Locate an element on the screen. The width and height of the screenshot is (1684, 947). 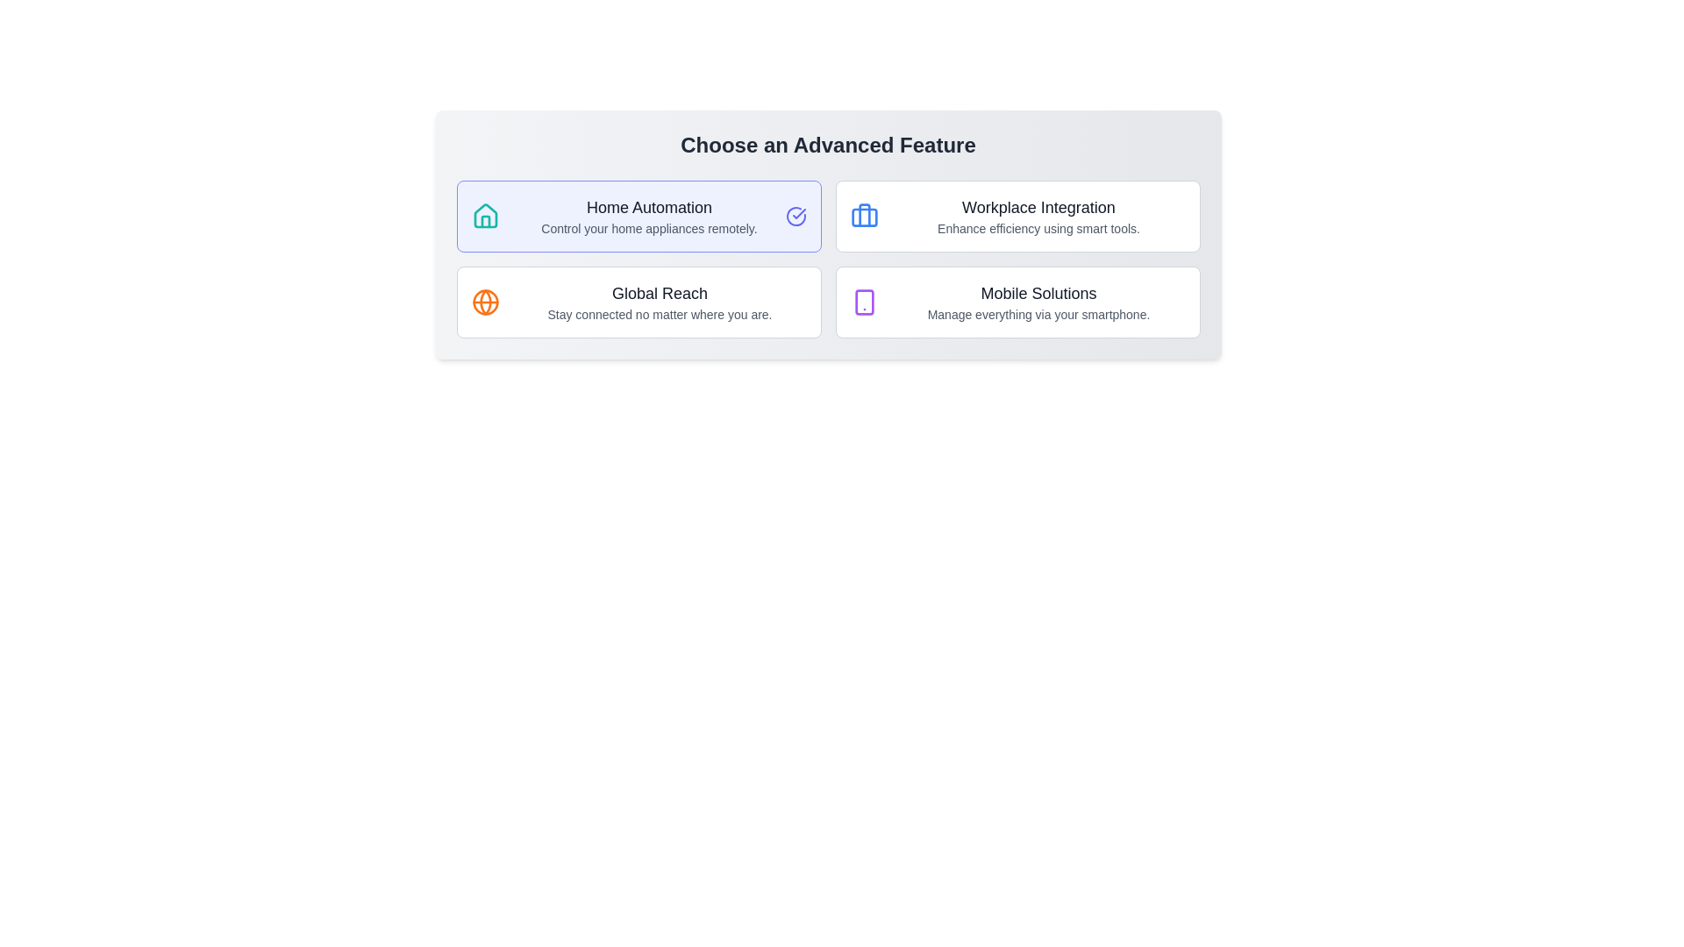
the text label at the top center of the card located in the top right quadrant of the grid, which indicates the theme or topic of the section is located at coordinates (1038, 206).